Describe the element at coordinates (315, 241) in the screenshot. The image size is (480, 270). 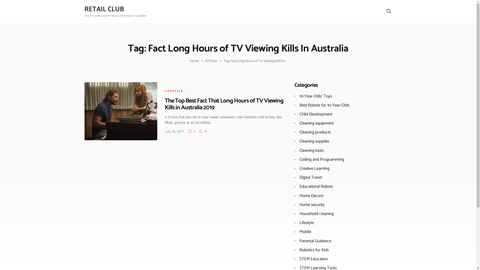
I see `'Parental Guidance'` at that location.